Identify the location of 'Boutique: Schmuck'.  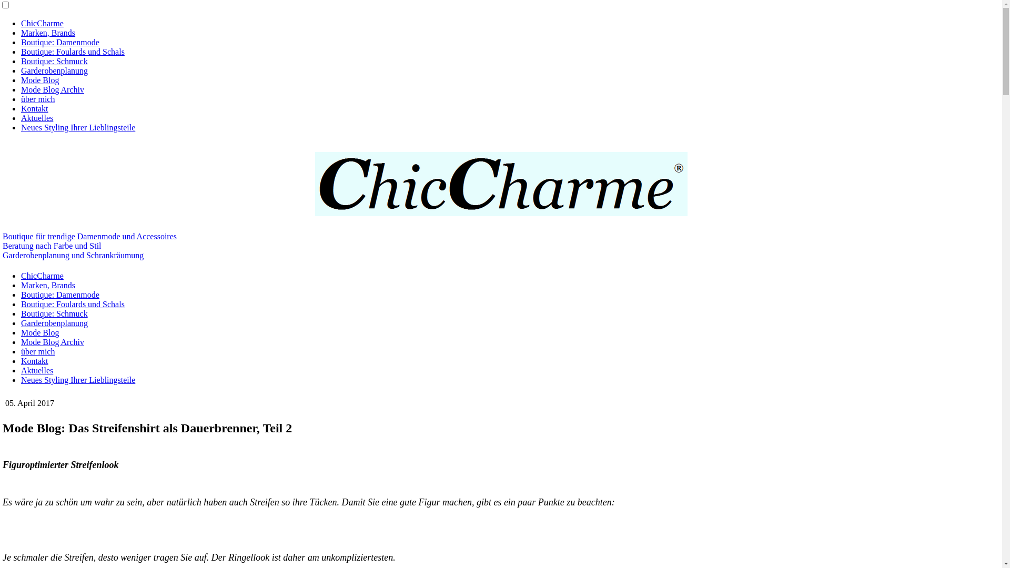
(54, 61).